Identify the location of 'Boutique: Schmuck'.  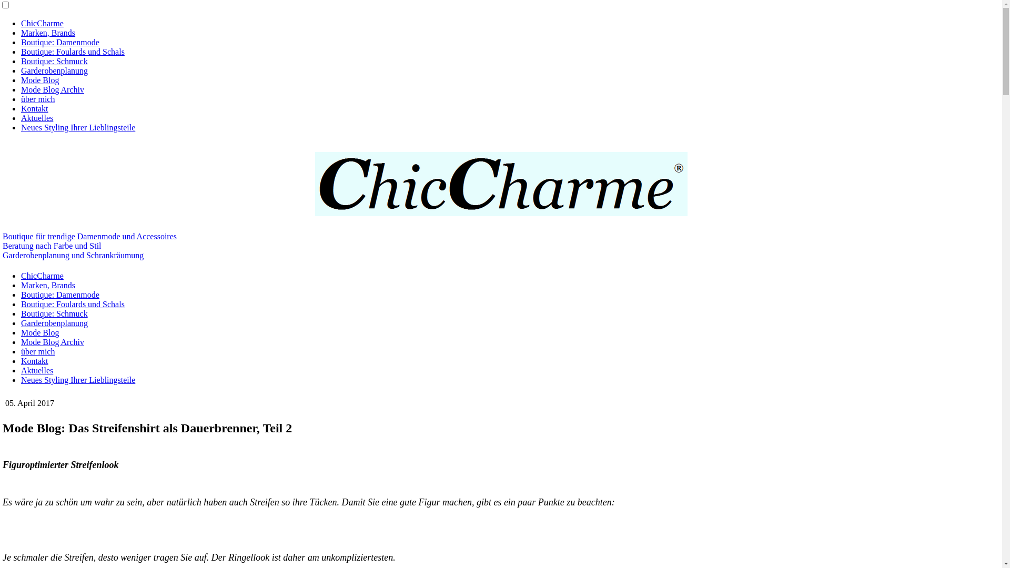
(54, 61).